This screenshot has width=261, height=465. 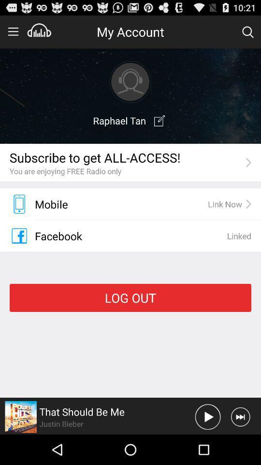 I want to click on the avatar icon, so click(x=130, y=87).